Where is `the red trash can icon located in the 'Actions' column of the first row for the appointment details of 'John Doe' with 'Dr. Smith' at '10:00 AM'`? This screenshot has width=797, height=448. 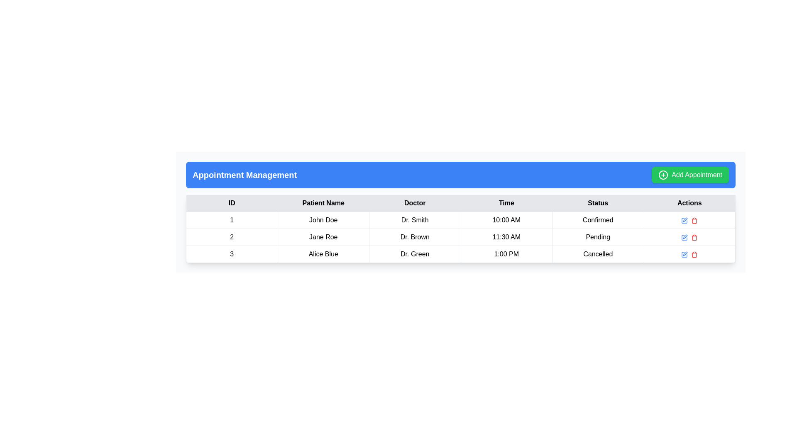
the red trash can icon located in the 'Actions' column of the first row for the appointment details of 'John Doe' with 'Dr. Smith' at '10:00 AM' is located at coordinates (689, 220).